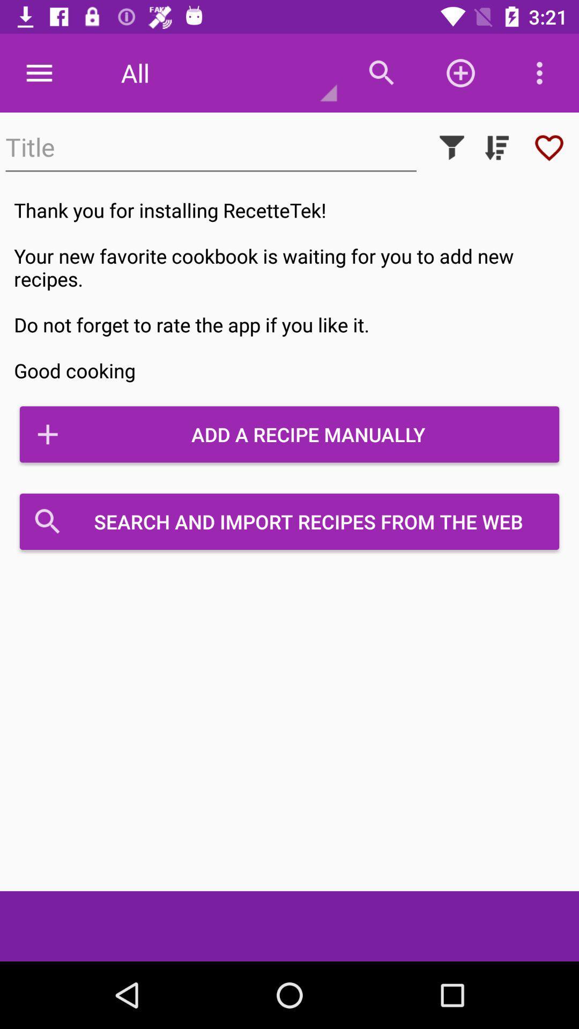 This screenshot has width=579, height=1029. What do you see at coordinates (496, 147) in the screenshot?
I see `the item above thank you for` at bounding box center [496, 147].